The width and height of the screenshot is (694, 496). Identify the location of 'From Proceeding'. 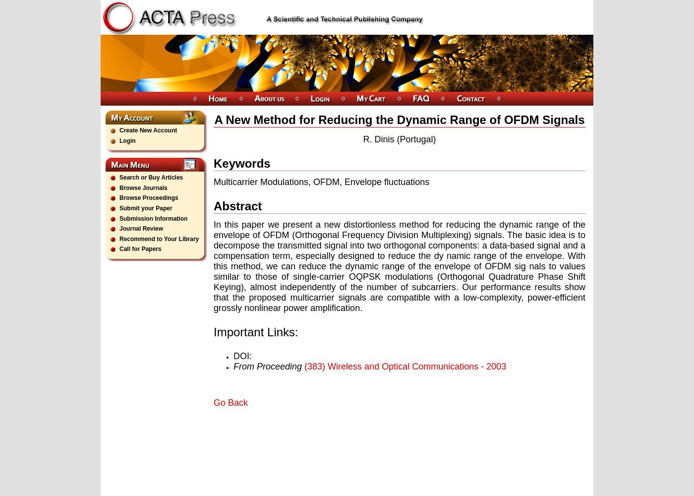
(232, 366).